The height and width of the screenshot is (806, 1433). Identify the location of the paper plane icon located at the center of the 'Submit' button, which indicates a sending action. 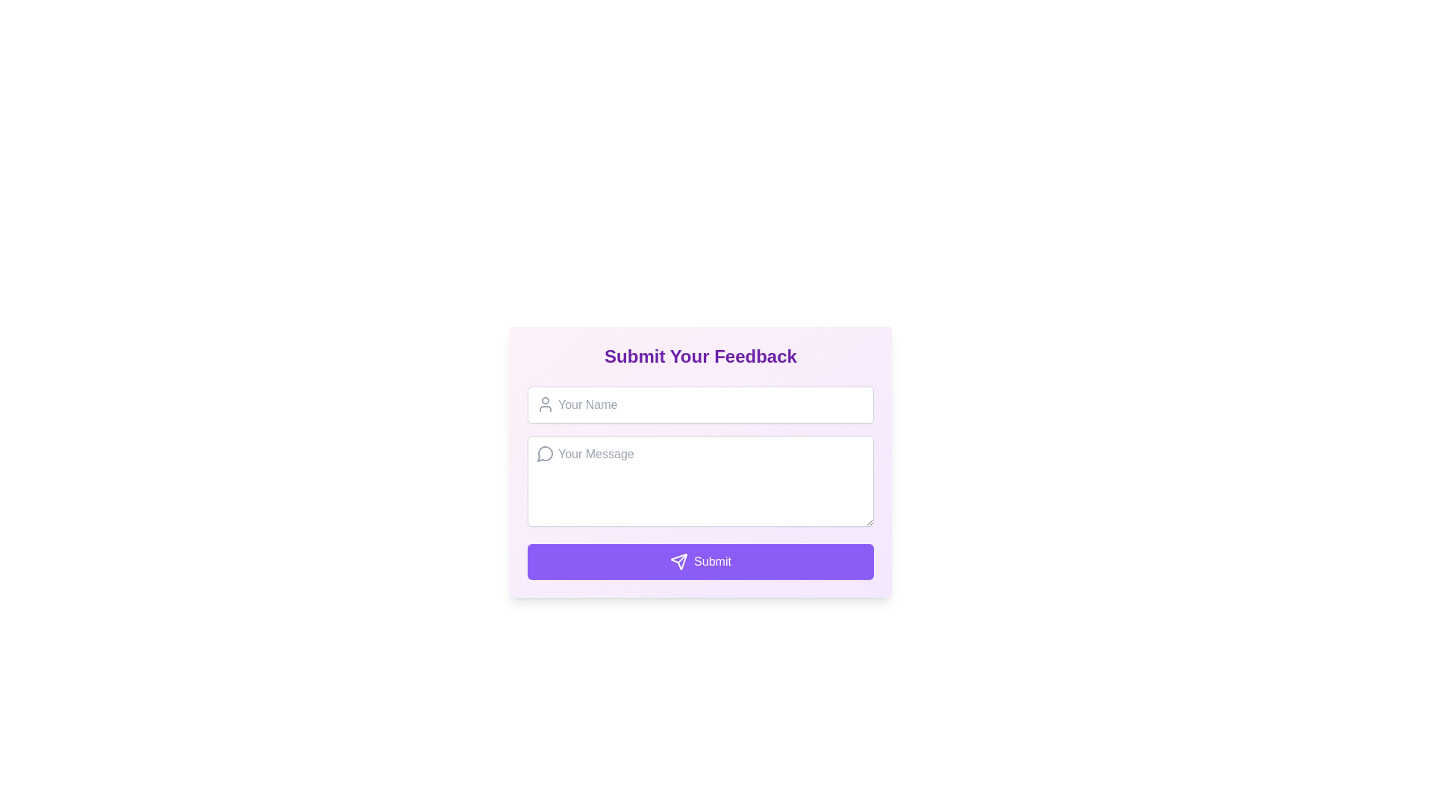
(678, 561).